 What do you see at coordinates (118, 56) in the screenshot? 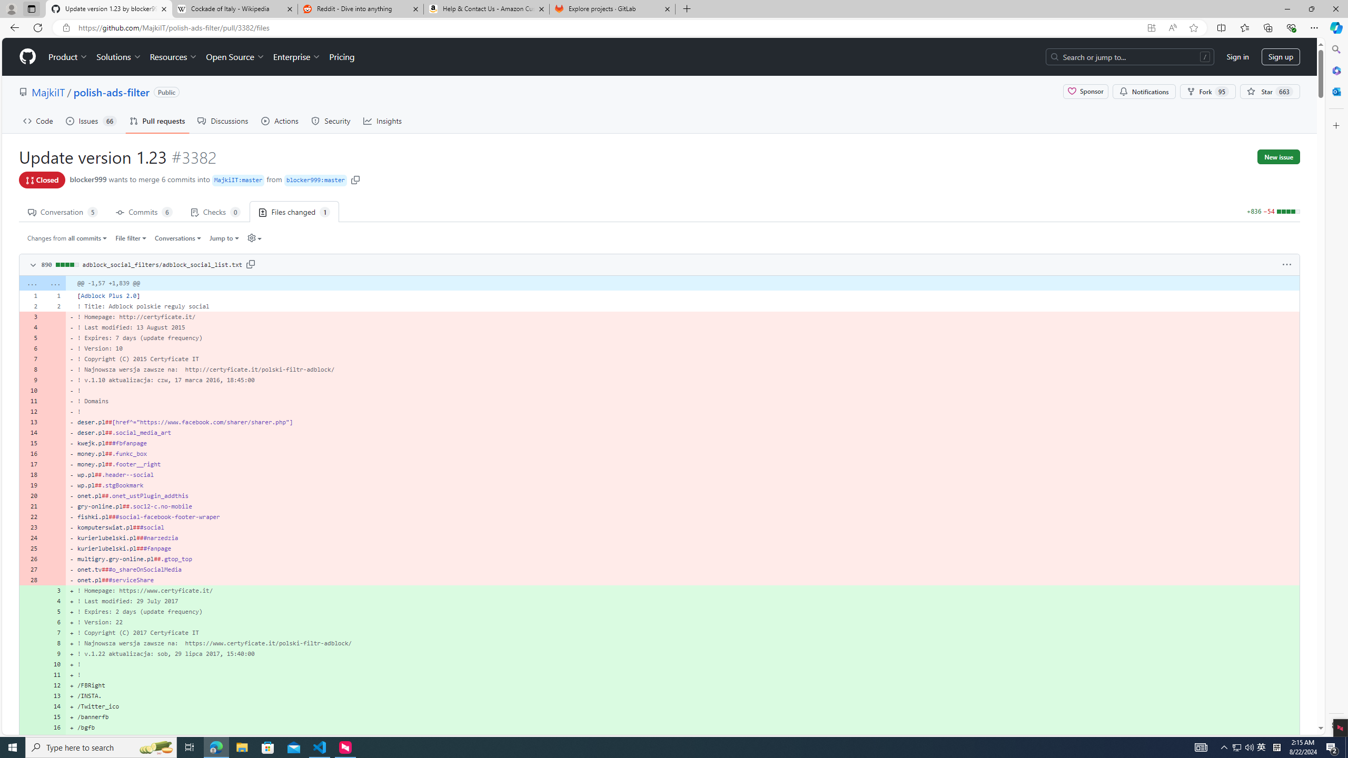
I see `'Solutions'` at bounding box center [118, 56].